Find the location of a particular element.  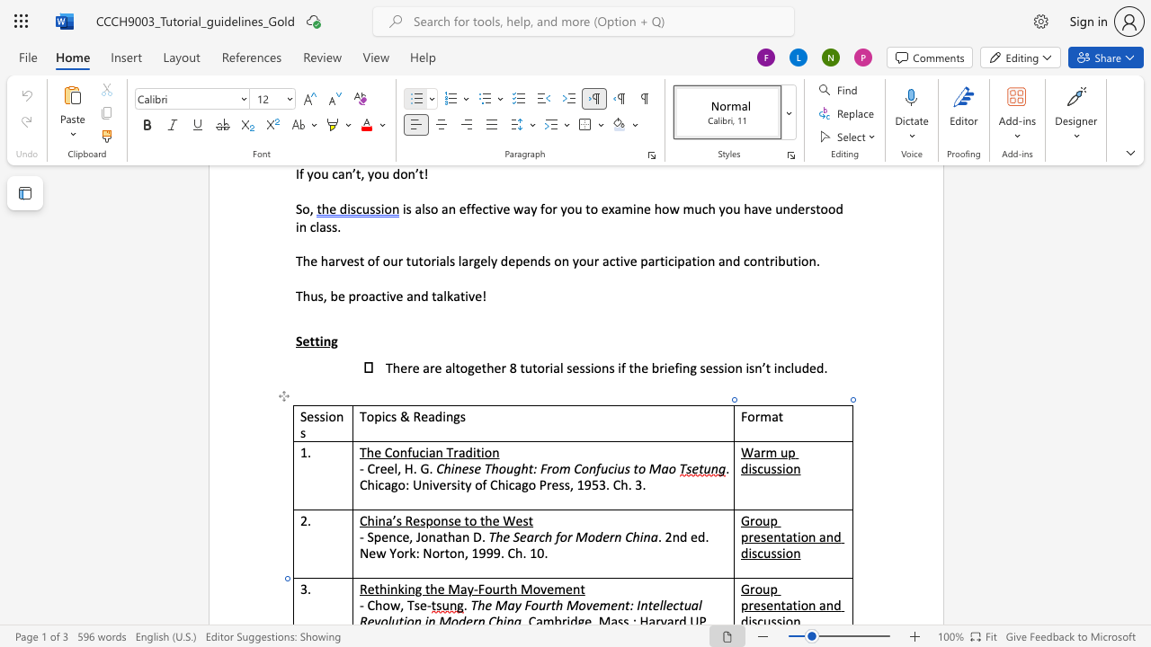

the space between the continuous character "a" and "d" in the text is located at coordinates (465, 451).